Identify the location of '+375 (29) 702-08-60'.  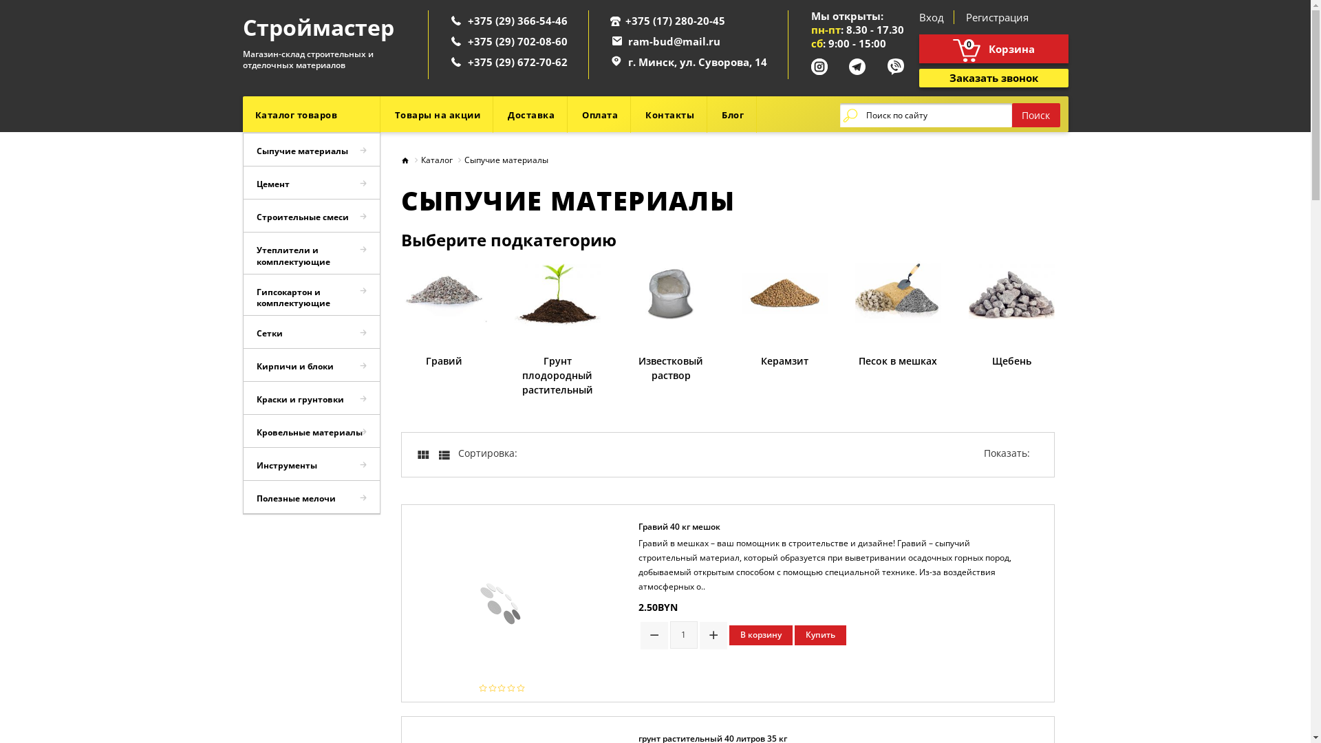
(517, 41).